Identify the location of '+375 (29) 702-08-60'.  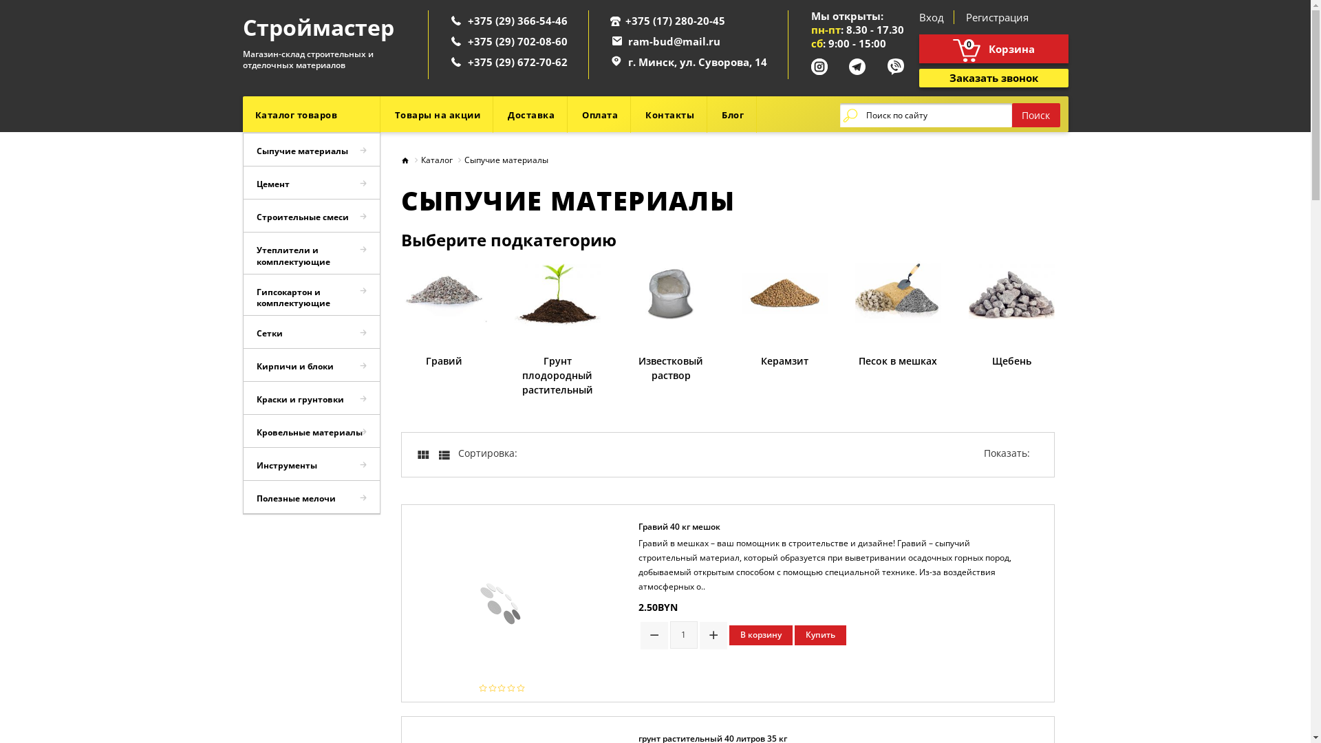
(517, 41).